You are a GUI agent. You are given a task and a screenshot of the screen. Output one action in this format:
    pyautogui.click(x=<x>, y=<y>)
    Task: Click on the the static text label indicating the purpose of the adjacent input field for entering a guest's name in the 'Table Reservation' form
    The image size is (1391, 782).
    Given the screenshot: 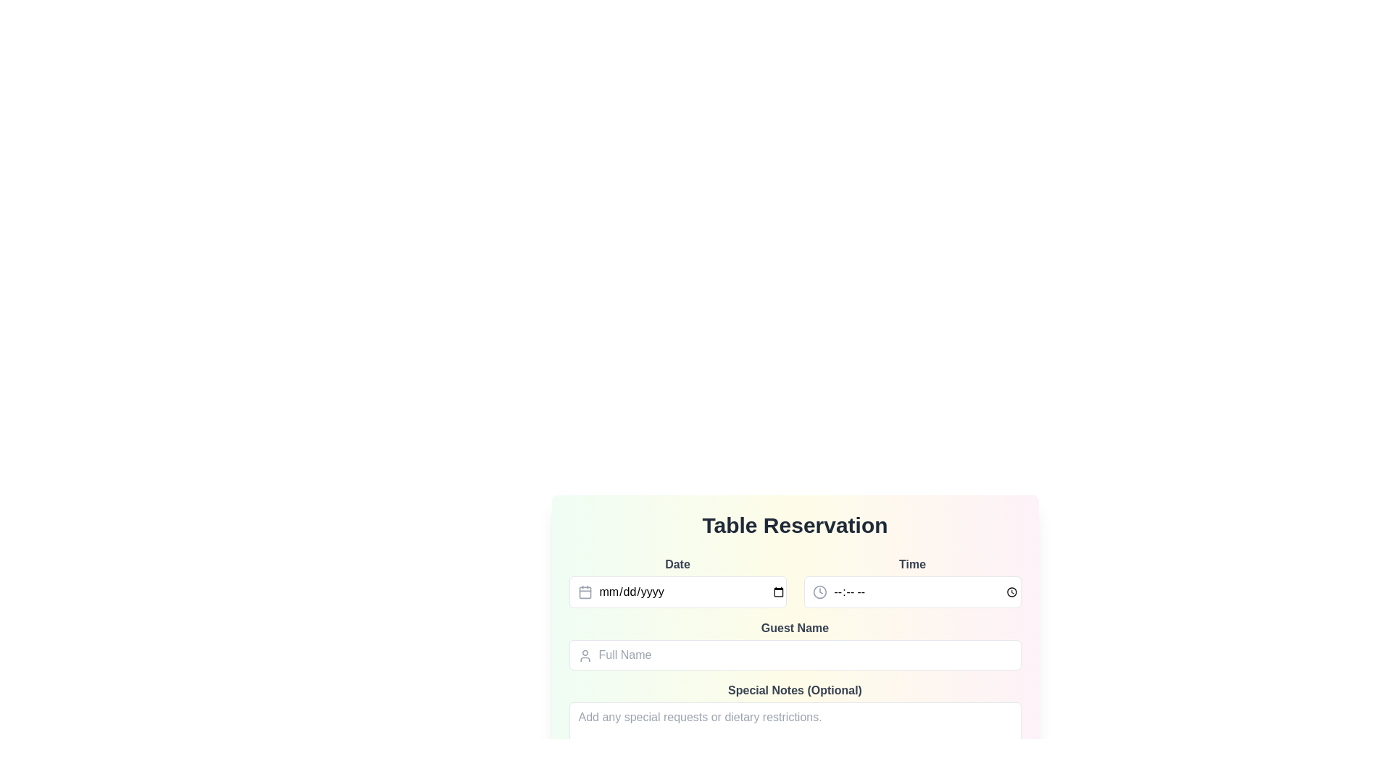 What is the action you would take?
    pyautogui.click(x=794, y=627)
    